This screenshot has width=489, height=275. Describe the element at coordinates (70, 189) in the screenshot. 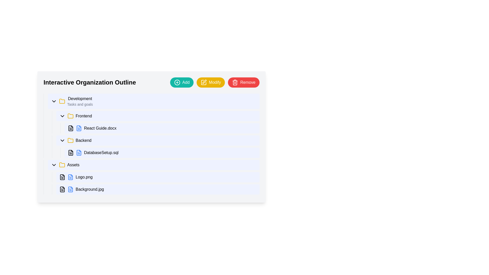

I see `the blue-colored file icon located to the left of the label 'Background.jpg', which represents that file` at that location.